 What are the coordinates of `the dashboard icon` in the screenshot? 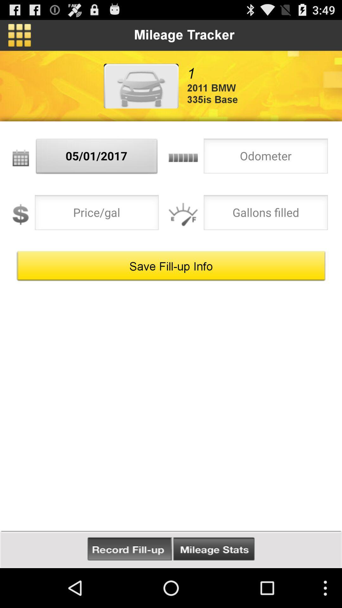 It's located at (19, 37).